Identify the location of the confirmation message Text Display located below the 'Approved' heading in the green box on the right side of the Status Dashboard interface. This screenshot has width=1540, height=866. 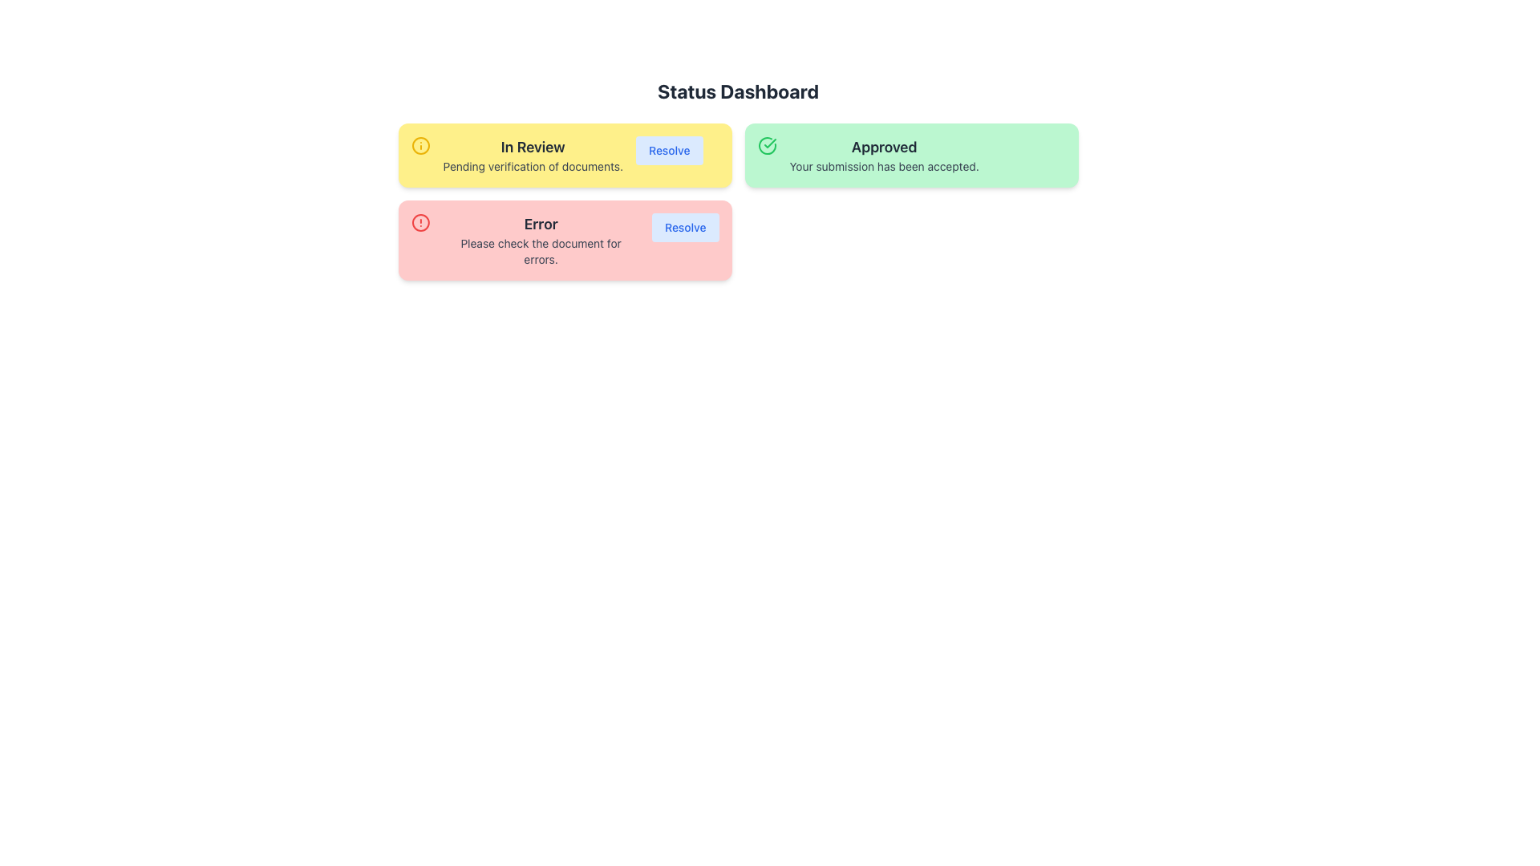
(883, 167).